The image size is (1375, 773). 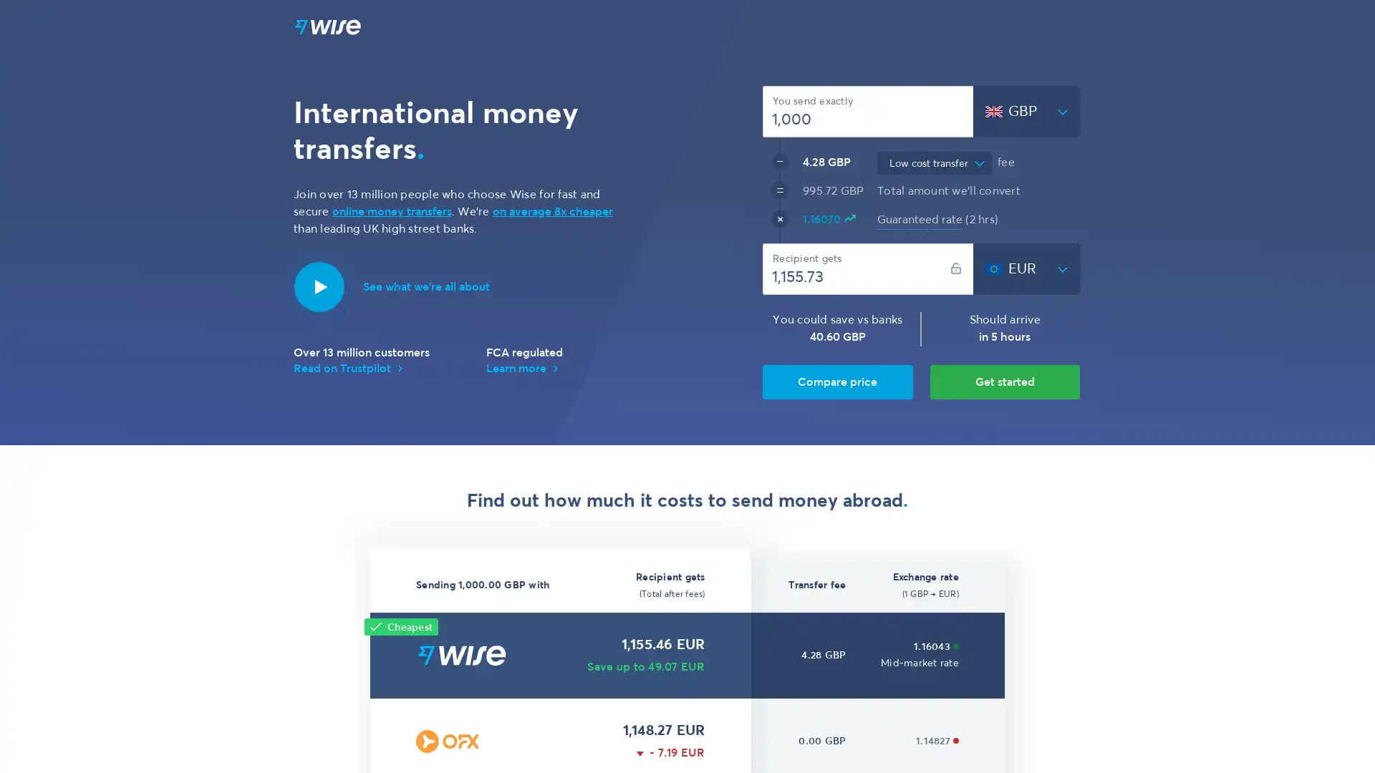 I want to click on Introduction to Wise, so click(x=425, y=286).